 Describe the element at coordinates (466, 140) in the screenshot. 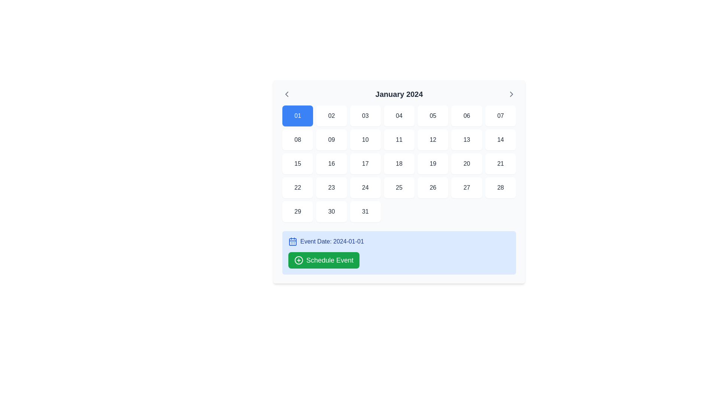

I see `the button representing the date 13th of January 2024 in the calendar interface` at that location.